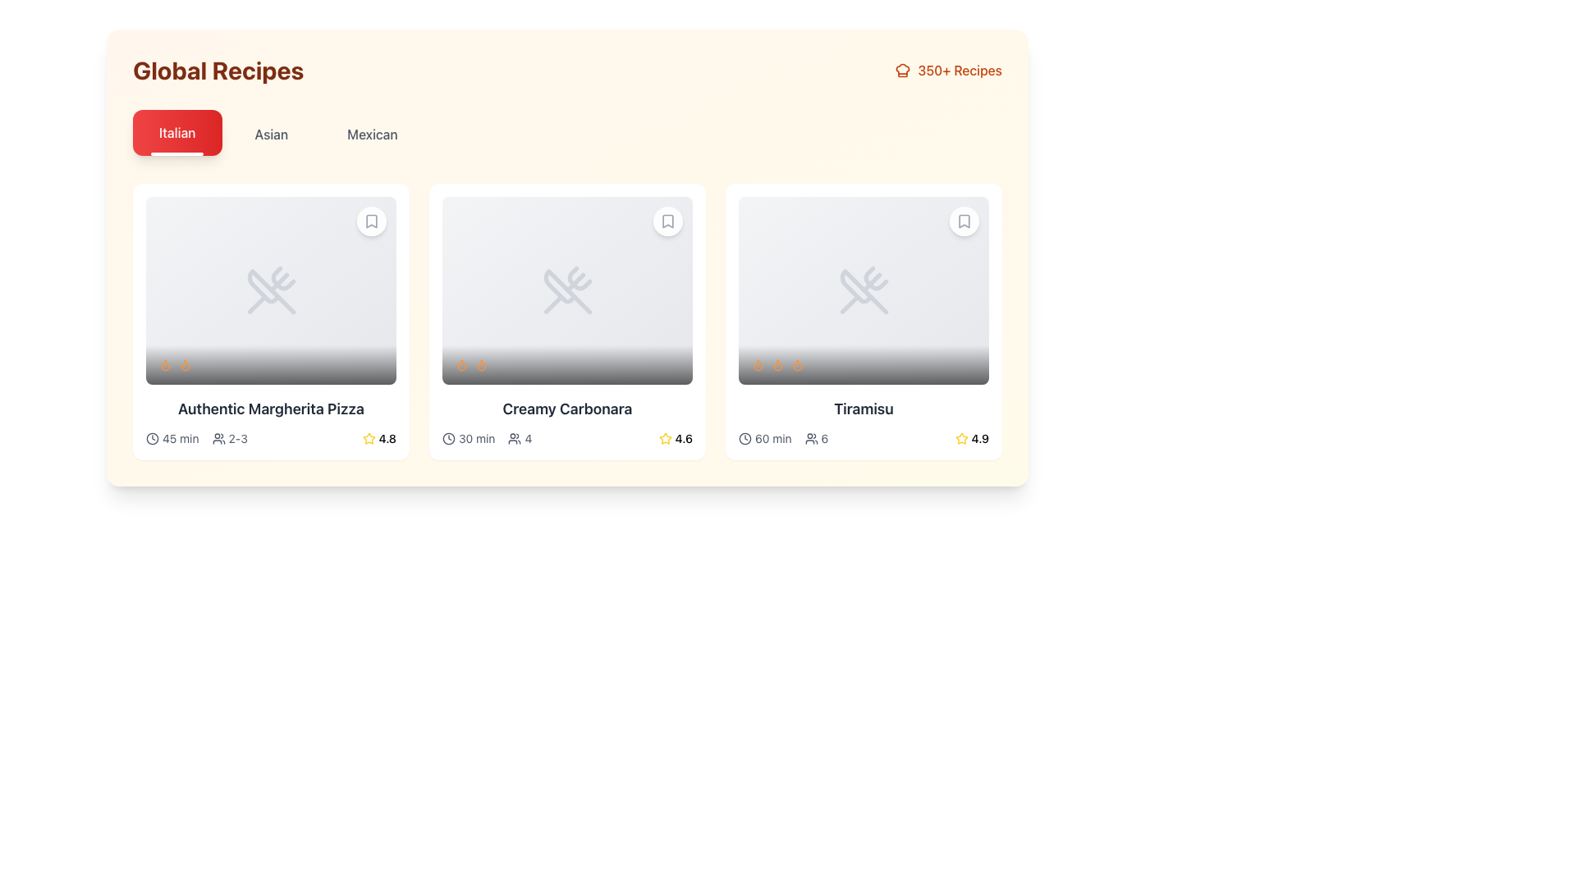 The height and width of the screenshot is (886, 1576). What do you see at coordinates (567, 290) in the screenshot?
I see `the crossed fork and knife icon representing the dish 'Creamy Carbonara' in the second card under the 'Italian' tab in the 'Global Recipes' section` at bounding box center [567, 290].